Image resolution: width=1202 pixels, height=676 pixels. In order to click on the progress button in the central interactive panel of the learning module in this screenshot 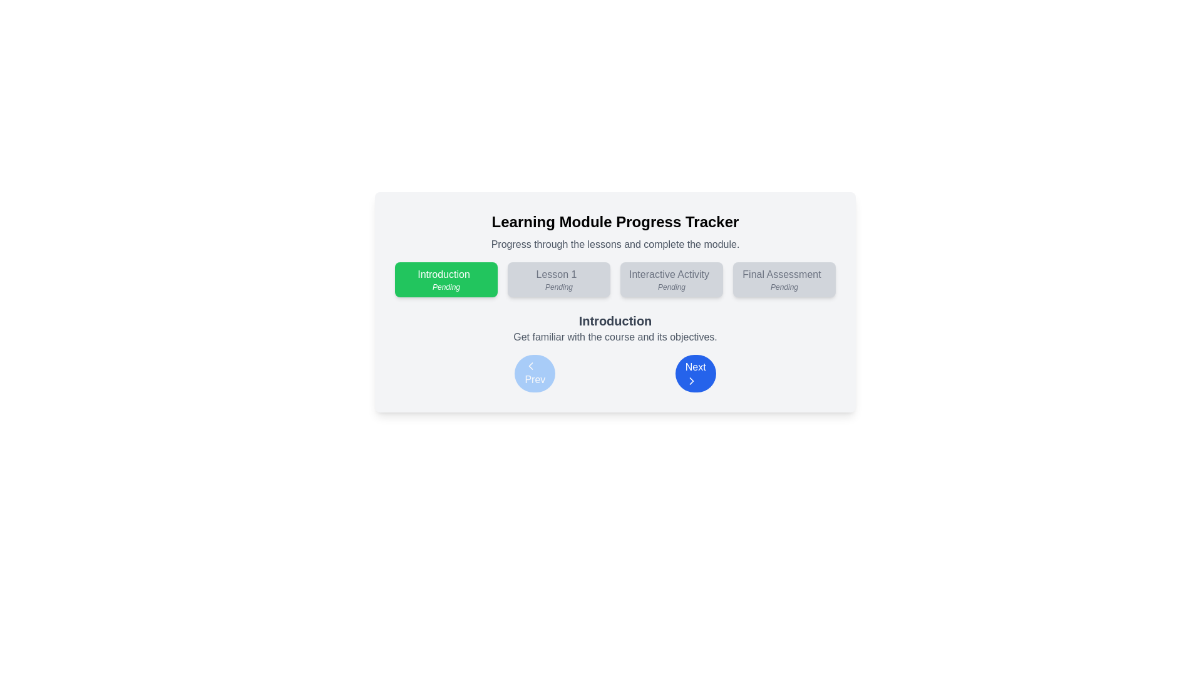, I will do `click(615, 302)`.